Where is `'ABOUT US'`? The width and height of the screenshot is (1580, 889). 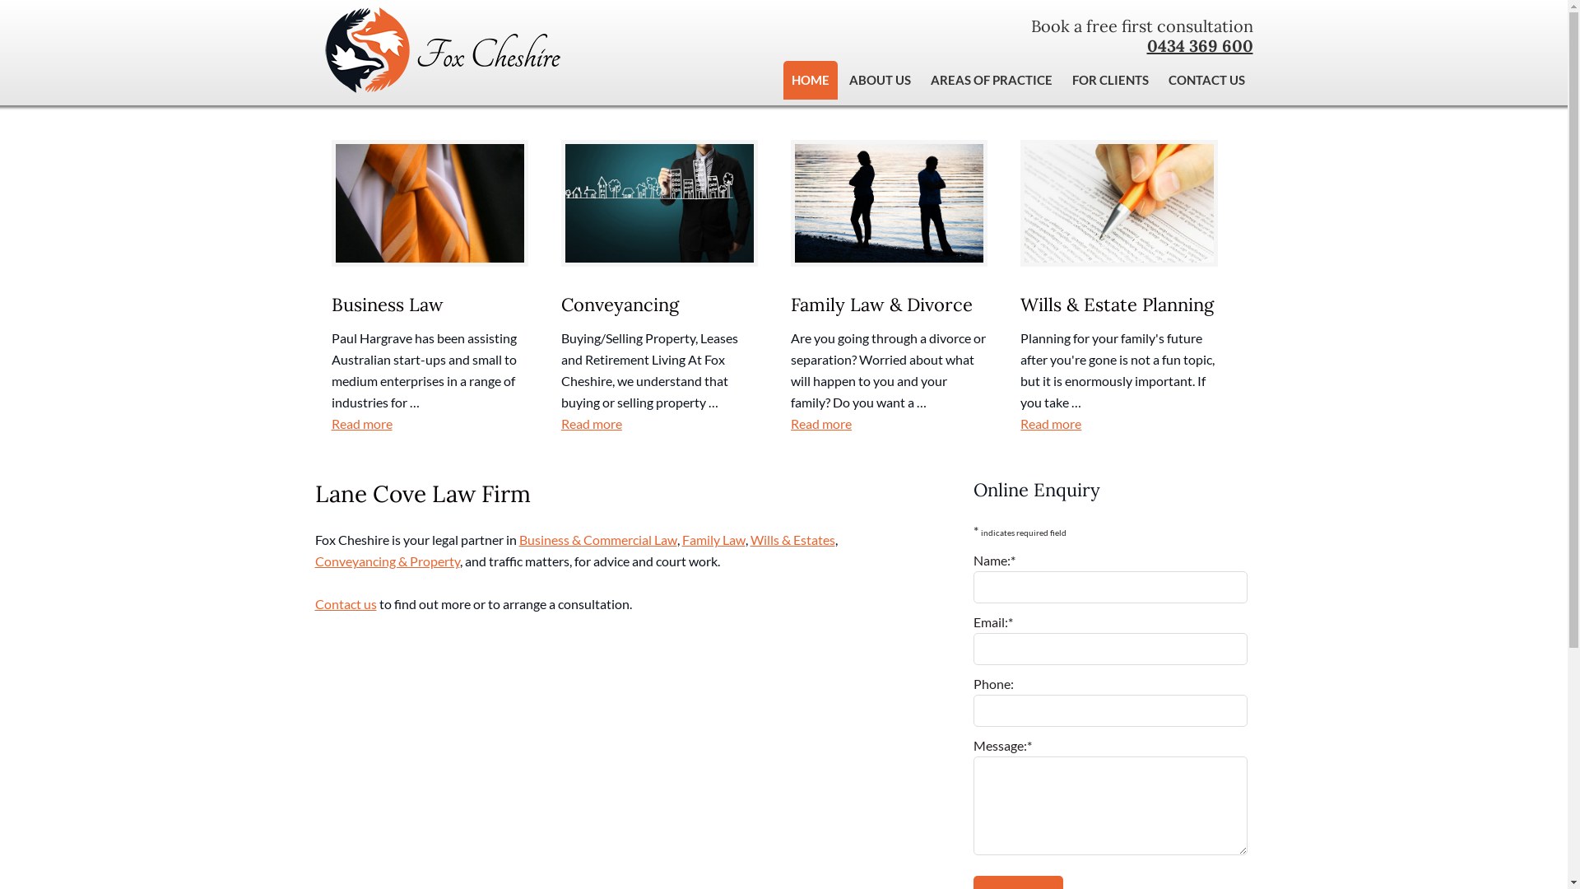
'ABOUT US' is located at coordinates (879, 80).